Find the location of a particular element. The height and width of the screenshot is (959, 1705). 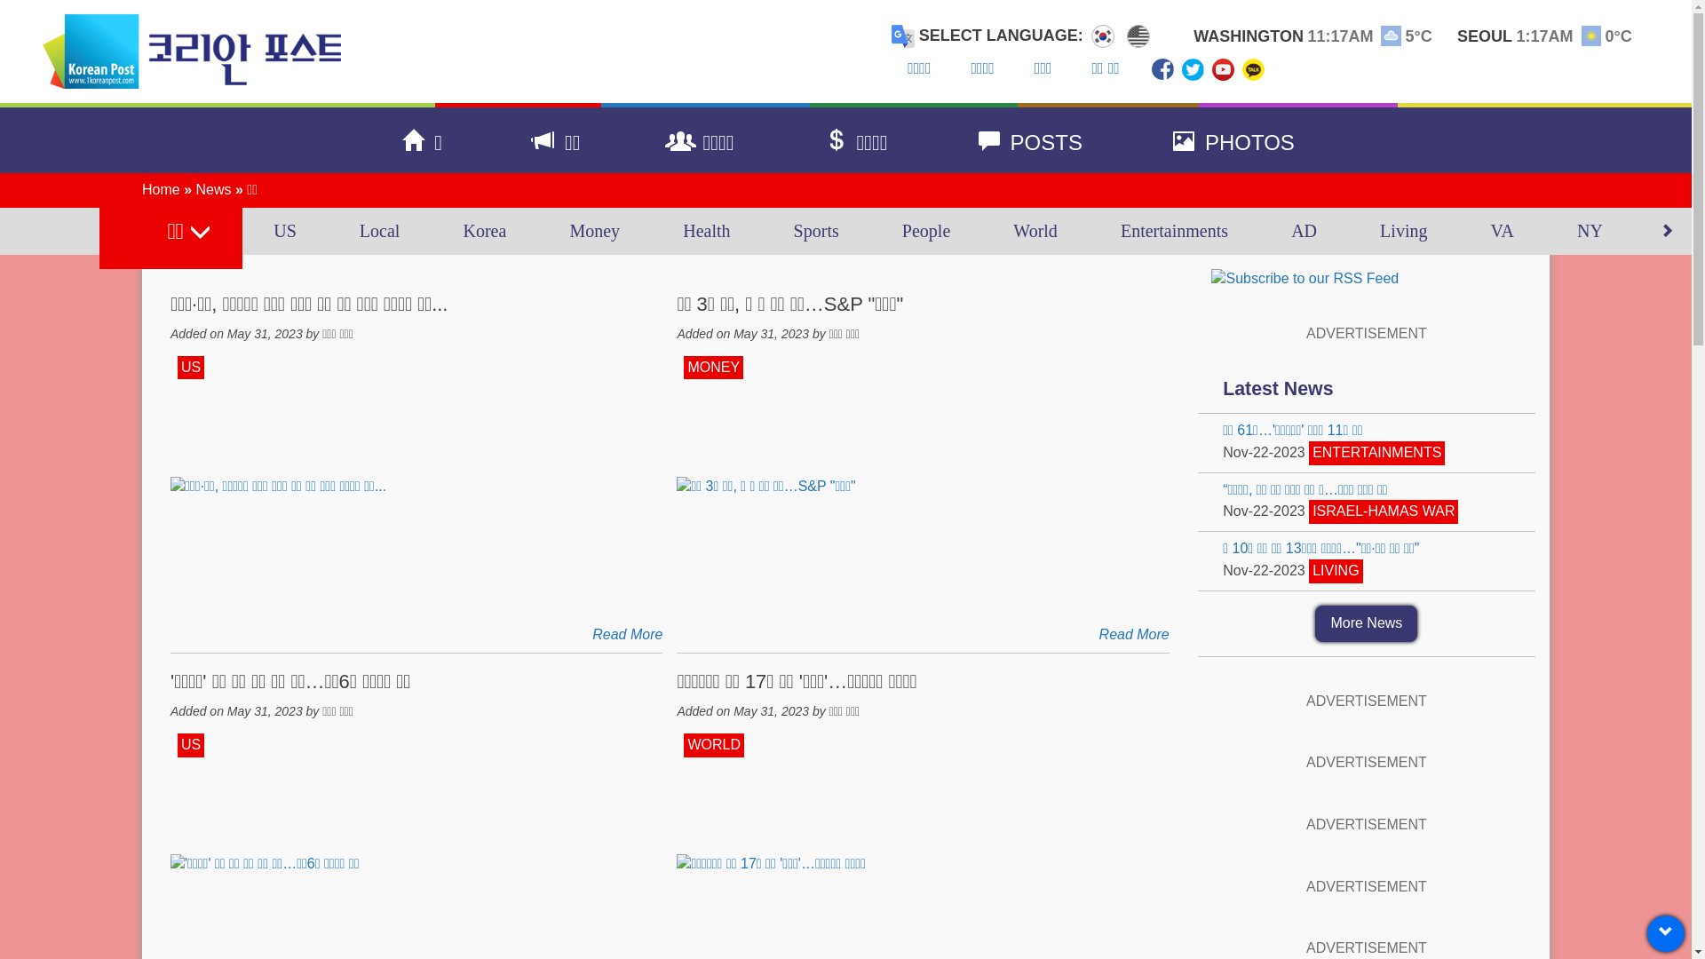

'Find Us on Facebook' is located at coordinates (1162, 67).